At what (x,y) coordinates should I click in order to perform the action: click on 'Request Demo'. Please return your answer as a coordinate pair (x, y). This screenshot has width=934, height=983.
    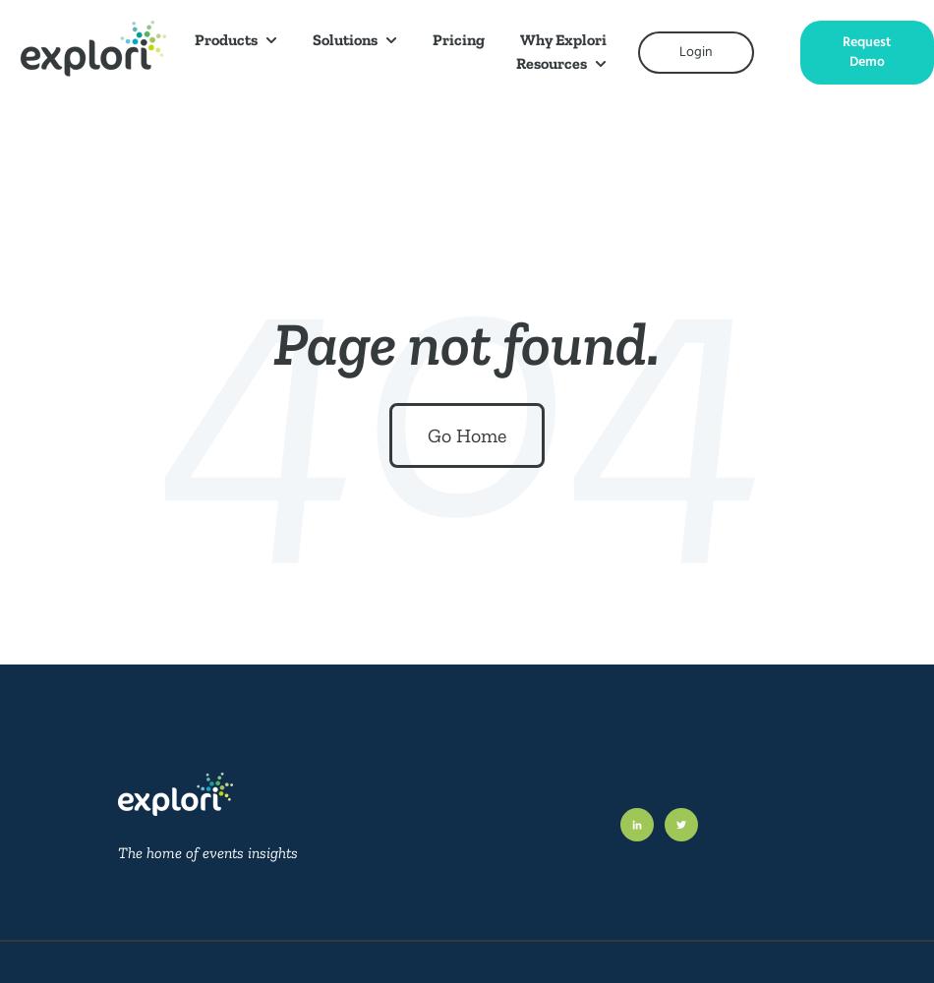
    Looking at the image, I should click on (865, 52).